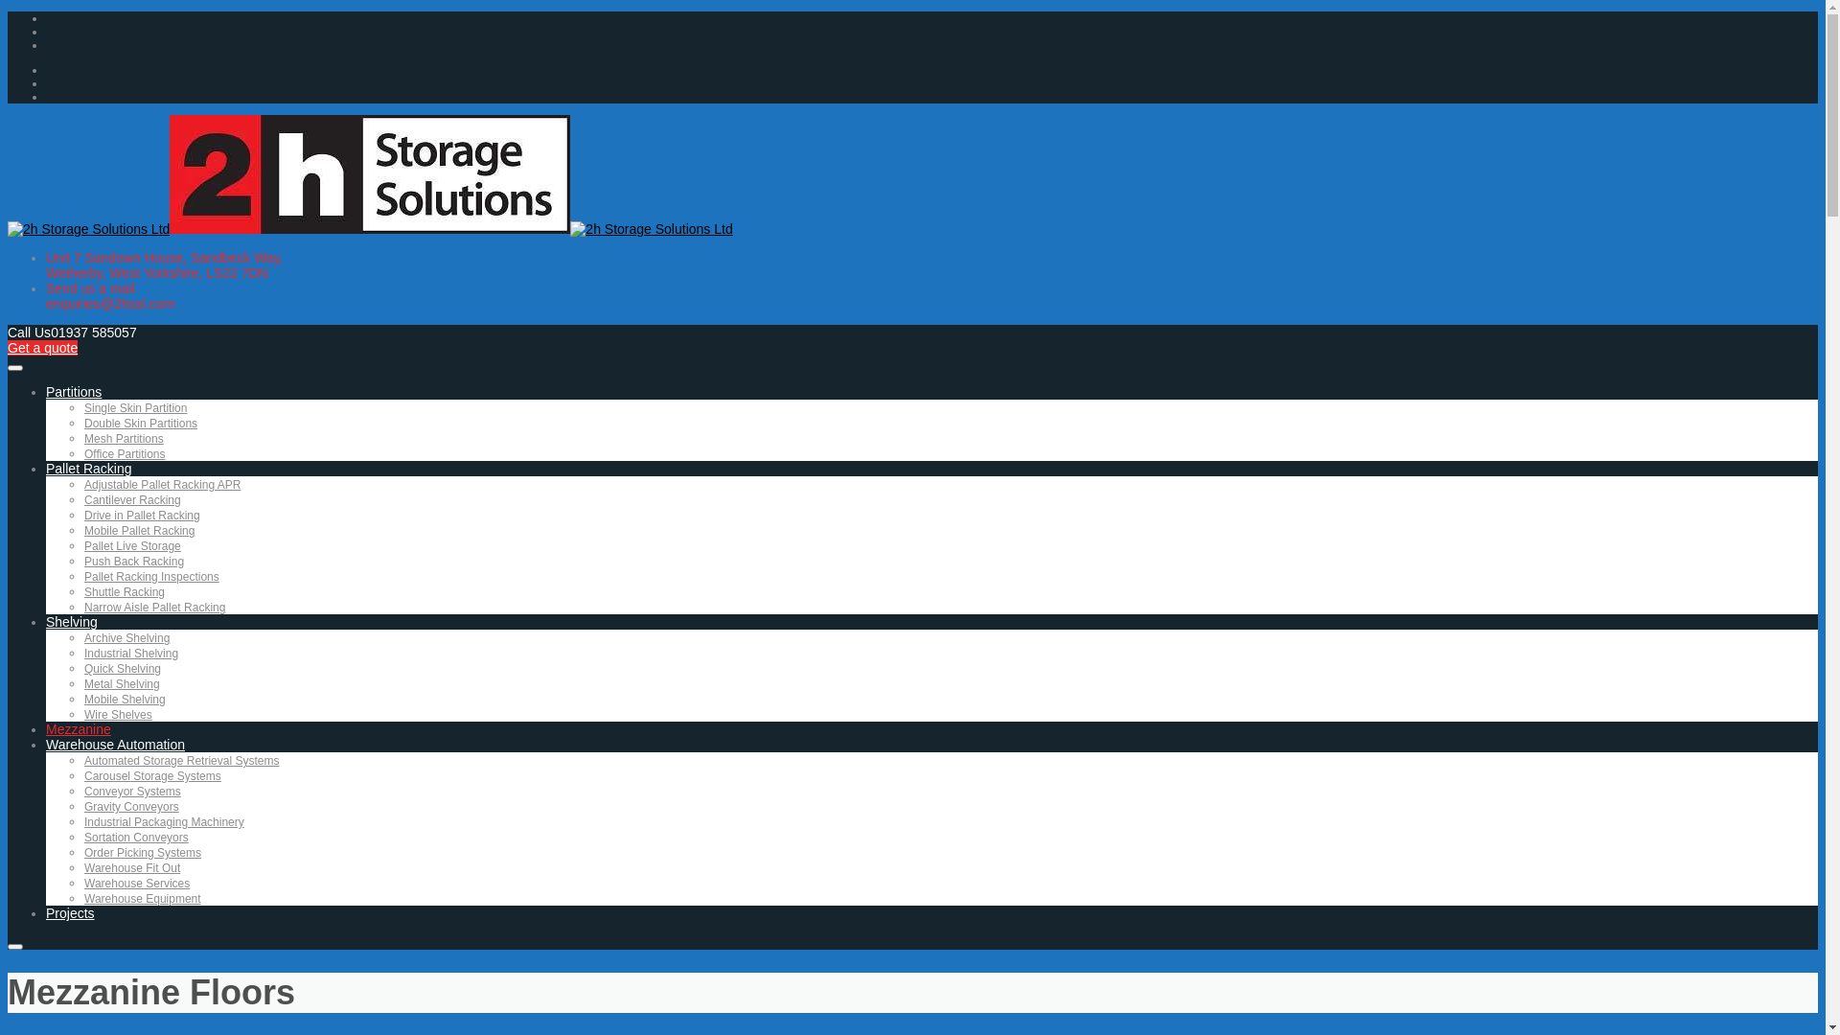 This screenshot has height=1035, width=1840. Describe the element at coordinates (136, 883) in the screenshot. I see `'Warehouse Services'` at that location.